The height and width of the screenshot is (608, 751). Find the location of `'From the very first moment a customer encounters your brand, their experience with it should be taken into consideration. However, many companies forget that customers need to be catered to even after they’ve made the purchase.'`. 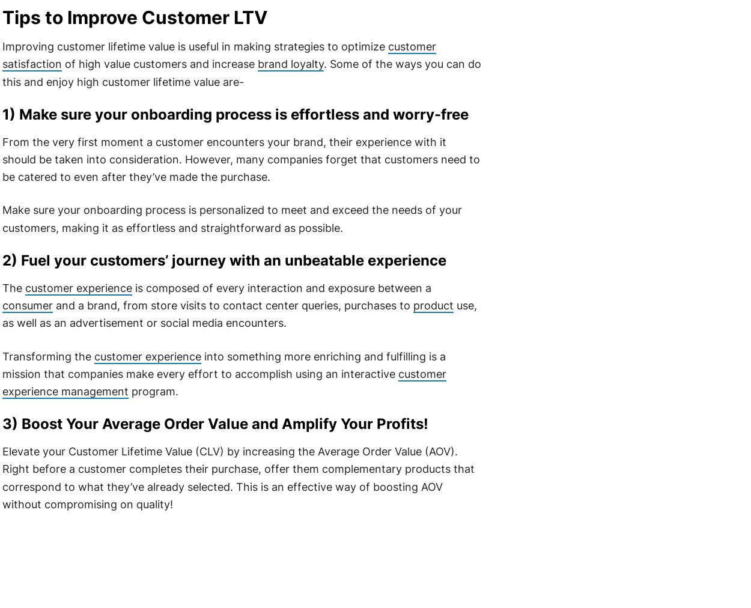

'From the very first moment a customer encounters your brand, their experience with it should be taken into consideration. However, many companies forget that customers need to be catered to even after they’ve made the purchase.' is located at coordinates (240, 159).